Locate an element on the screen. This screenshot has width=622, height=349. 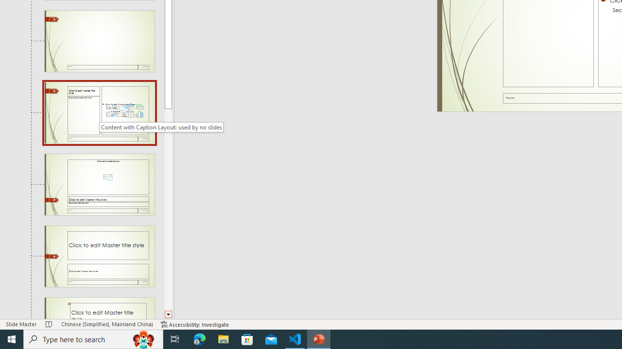
'Slide Picture with Caption Layout: used by no slides' is located at coordinates (99, 185).